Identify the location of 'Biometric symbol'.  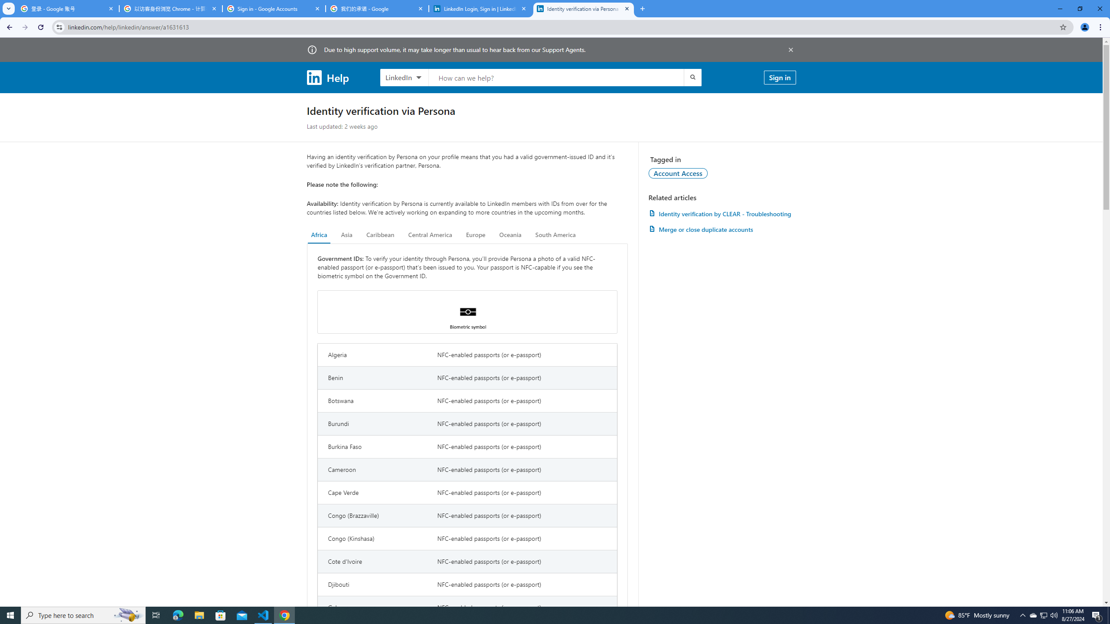
(467, 312).